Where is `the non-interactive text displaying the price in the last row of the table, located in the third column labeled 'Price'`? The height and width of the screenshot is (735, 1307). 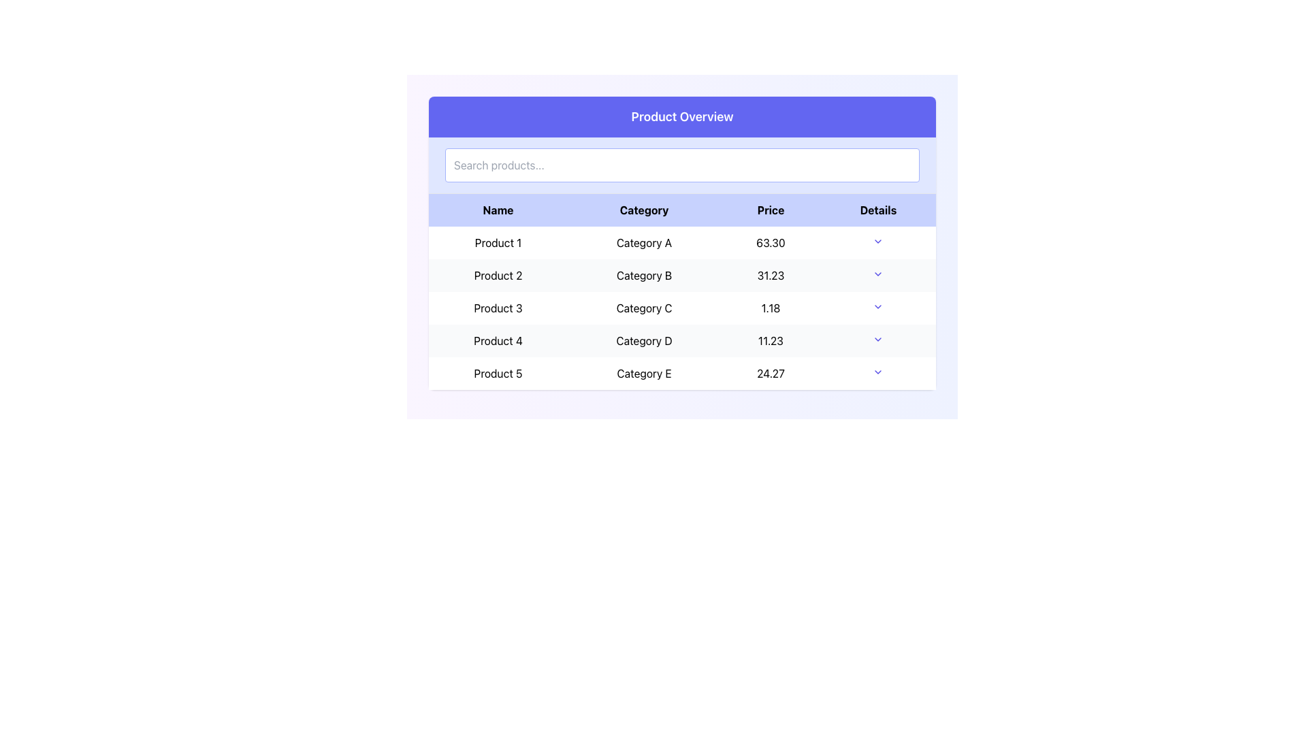
the non-interactive text displaying the price in the last row of the table, located in the third column labeled 'Price' is located at coordinates (771, 373).